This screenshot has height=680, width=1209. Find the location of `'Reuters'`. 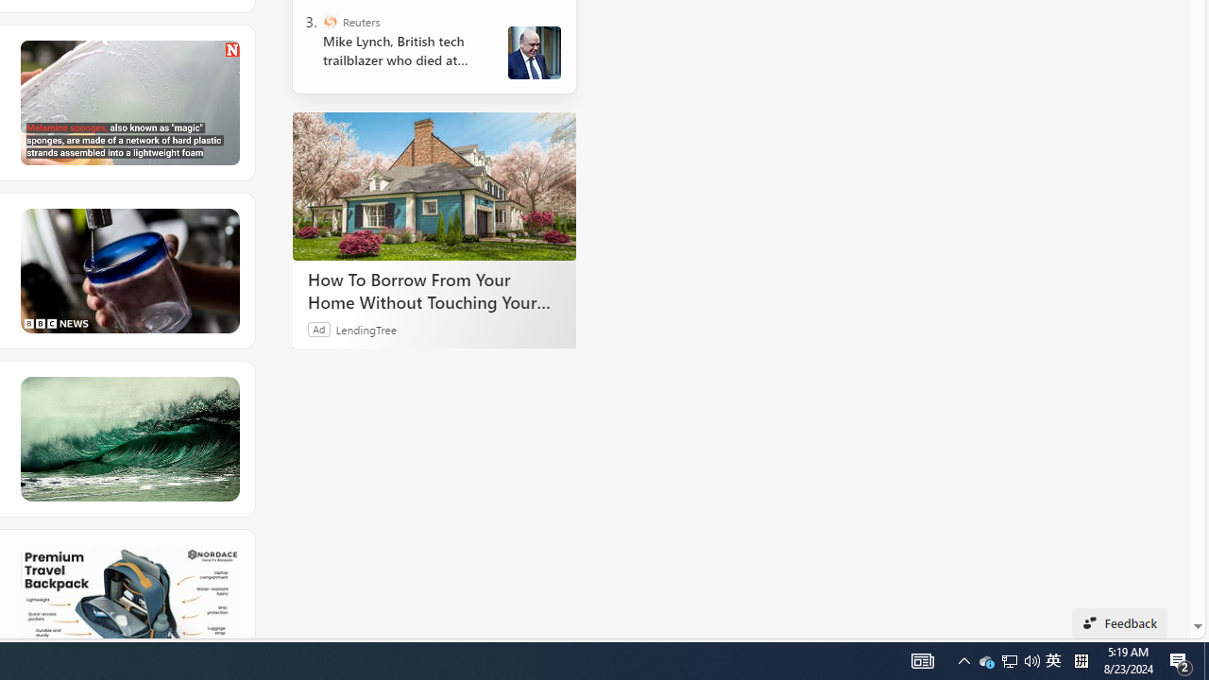

'Reuters' is located at coordinates (331, 22).